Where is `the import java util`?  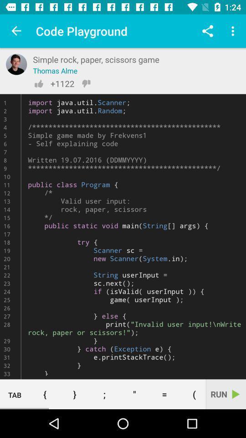
the import java util is located at coordinates (123, 236).